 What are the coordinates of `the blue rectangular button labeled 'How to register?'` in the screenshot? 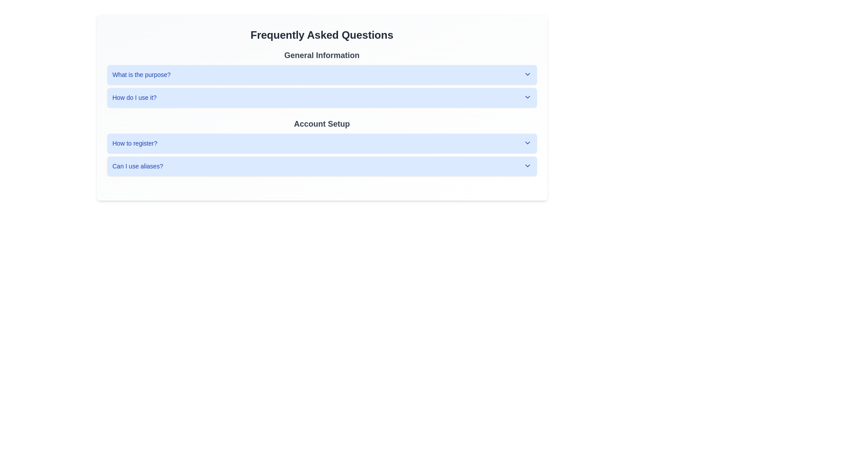 It's located at (321, 143).